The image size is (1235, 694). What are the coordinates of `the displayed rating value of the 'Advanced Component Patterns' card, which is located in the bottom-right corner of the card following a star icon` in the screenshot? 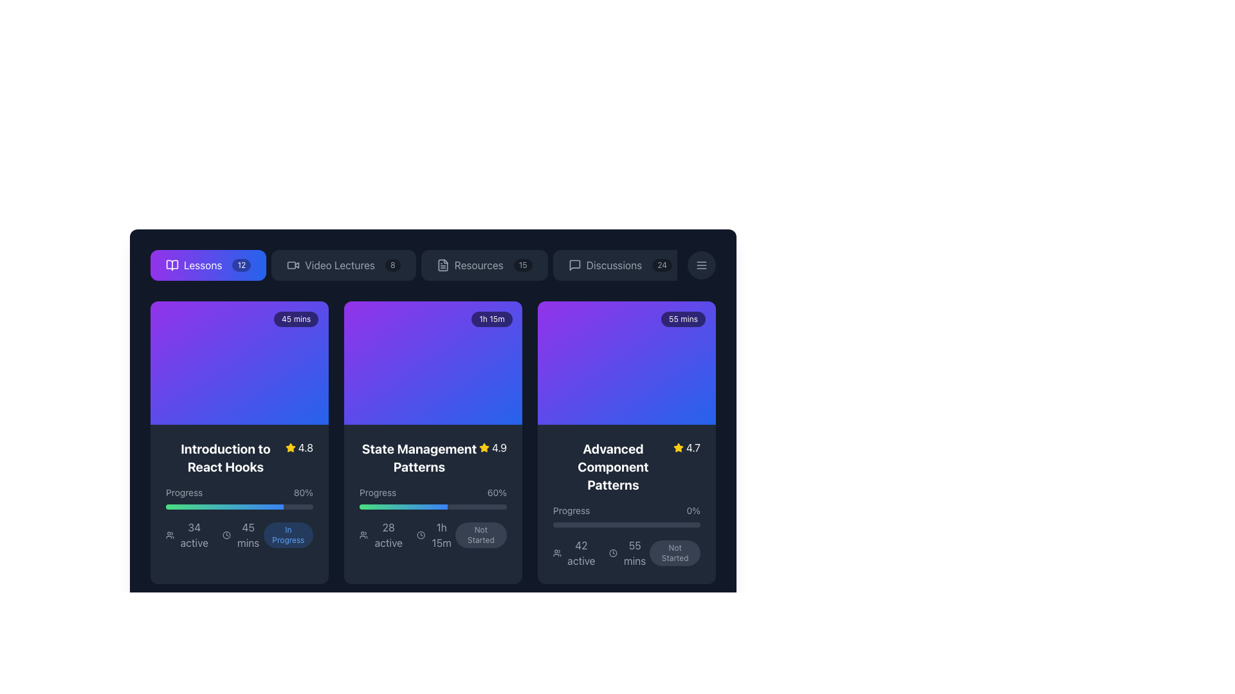 It's located at (692, 447).